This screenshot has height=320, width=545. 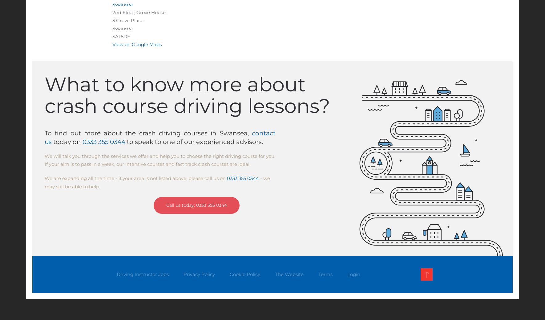 I want to click on 'What to know more about crash course driving lessons?', so click(x=187, y=94).